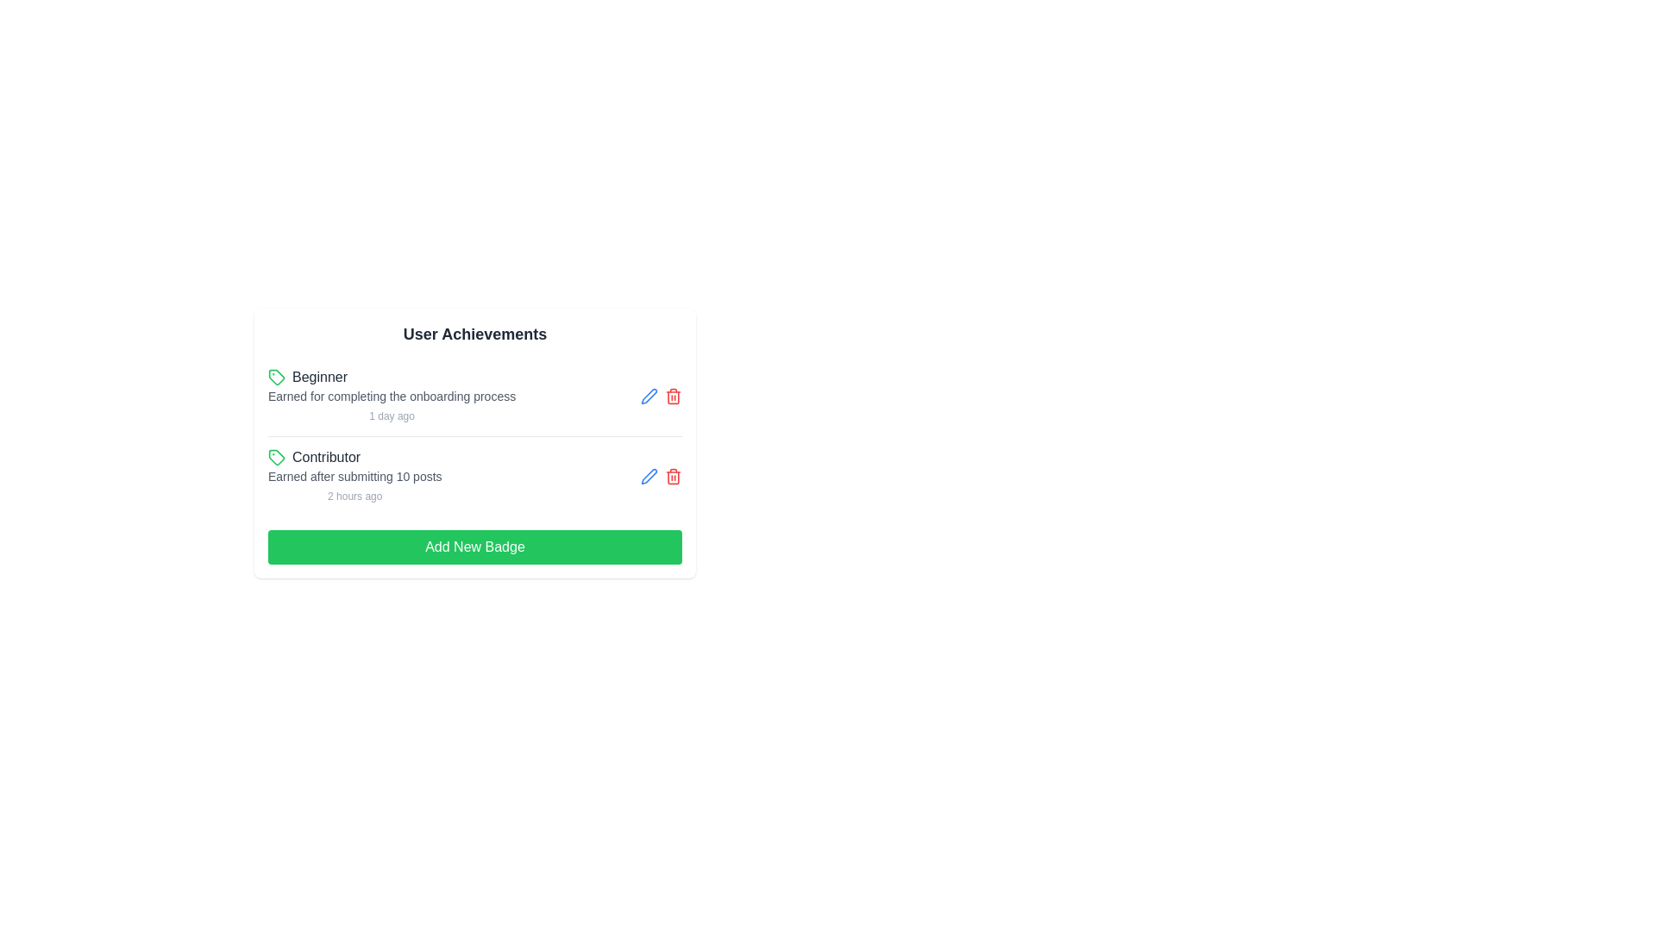  Describe the element at coordinates (277, 457) in the screenshot. I see `the 'Contributor' badge icon located on the left side of the 'Contributor' item in the achievements list` at that location.